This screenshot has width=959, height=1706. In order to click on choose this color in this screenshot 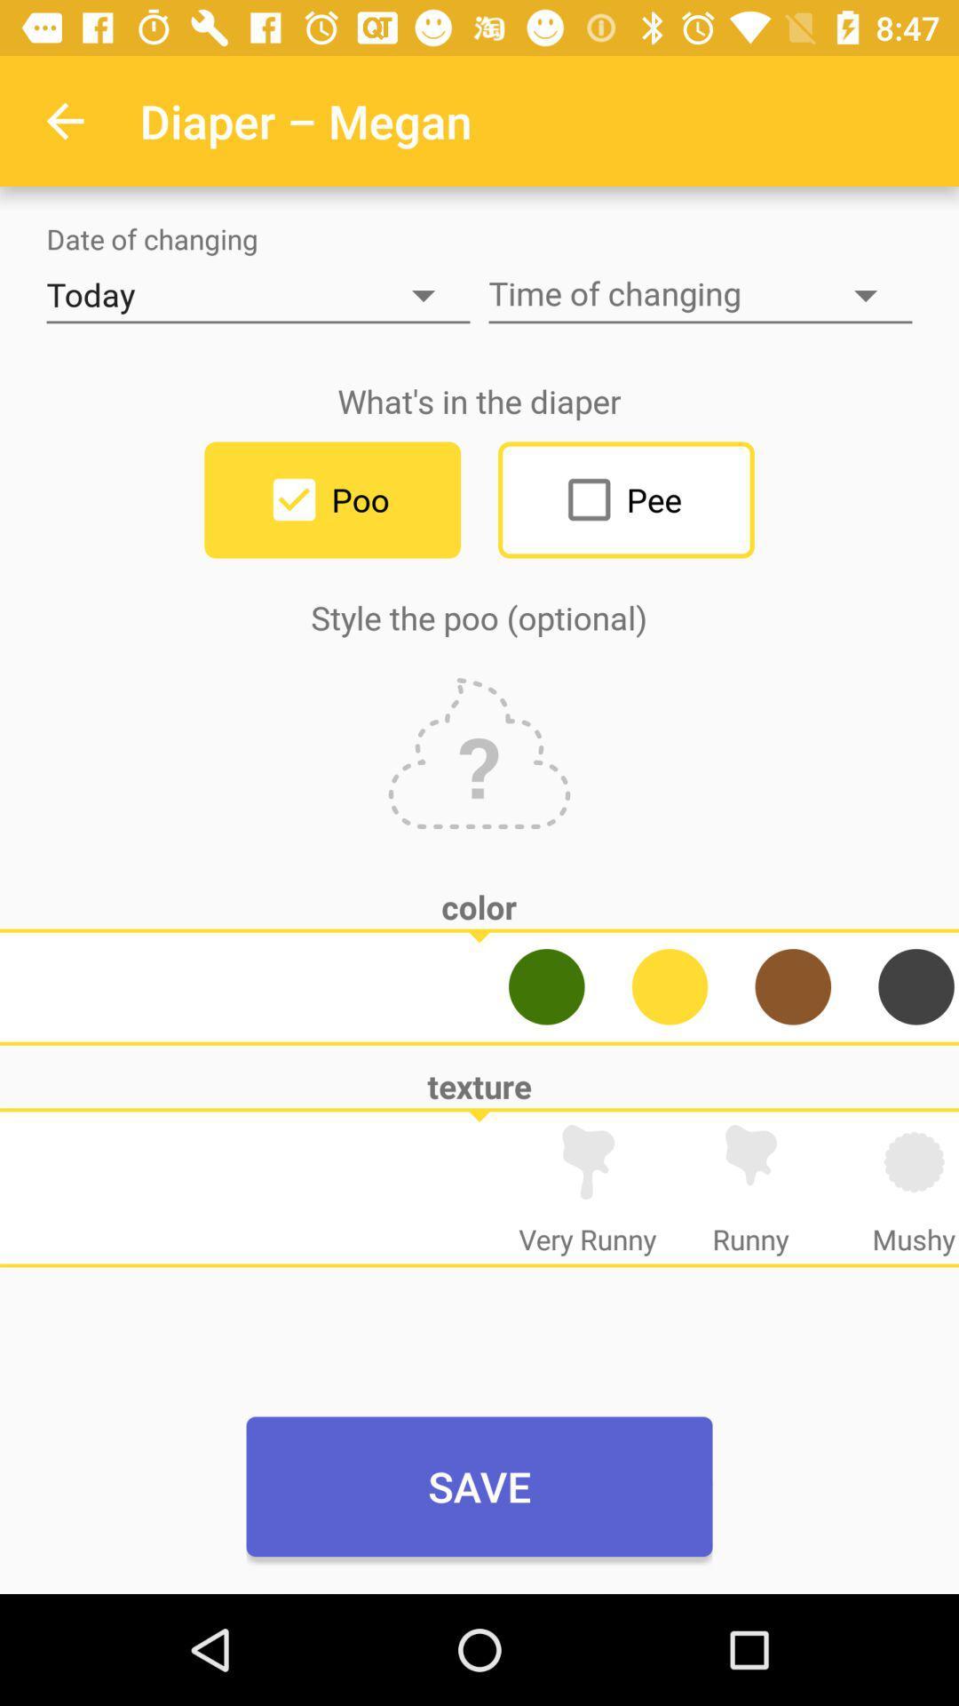, I will do `click(916, 985)`.